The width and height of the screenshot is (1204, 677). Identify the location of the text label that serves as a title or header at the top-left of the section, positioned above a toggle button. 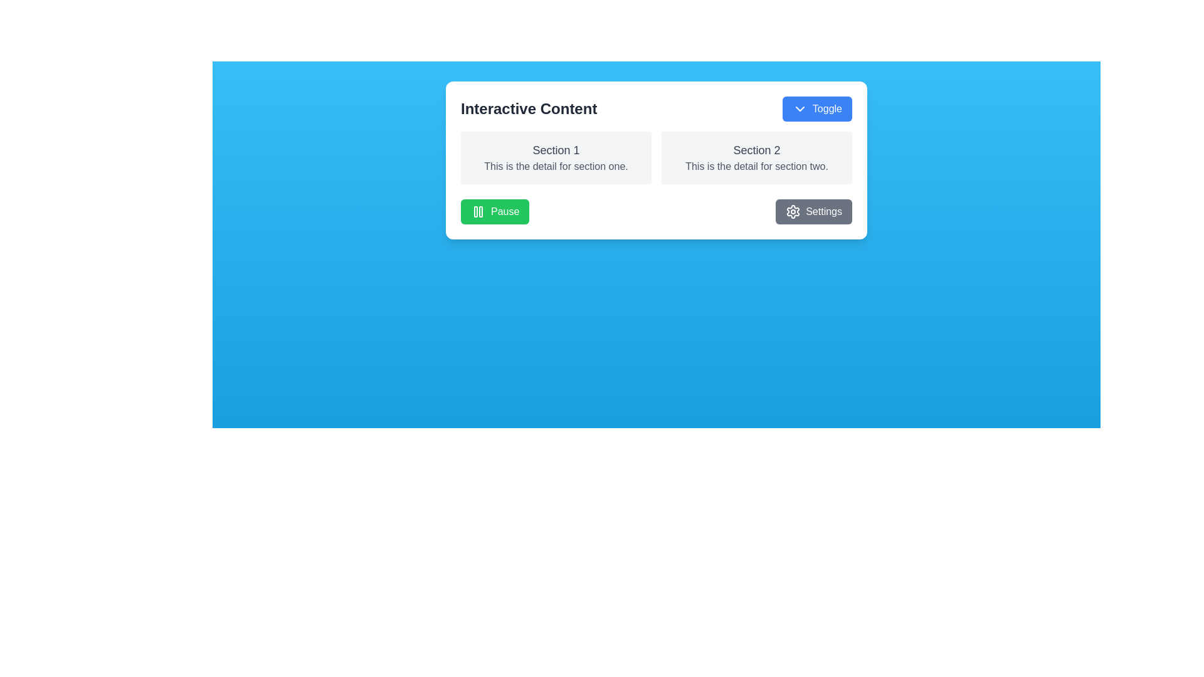
(529, 108).